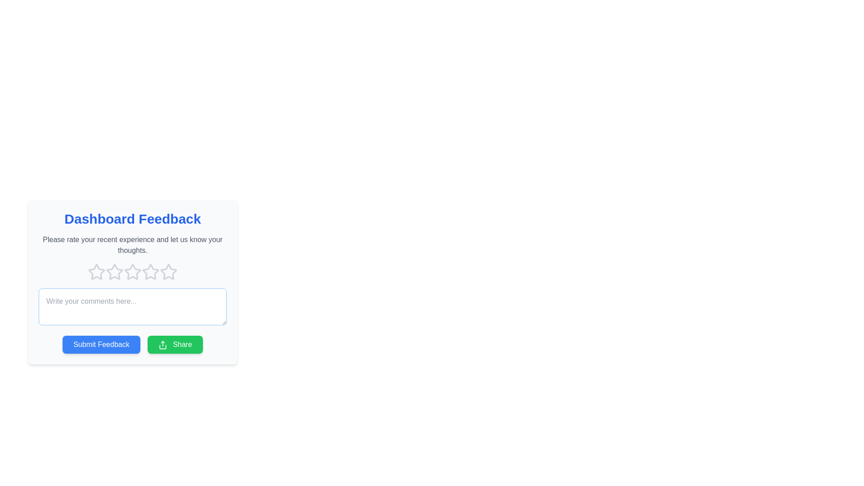  What do you see at coordinates (101, 344) in the screenshot?
I see `the blue 'Submit Feedback' button with bold white text` at bounding box center [101, 344].